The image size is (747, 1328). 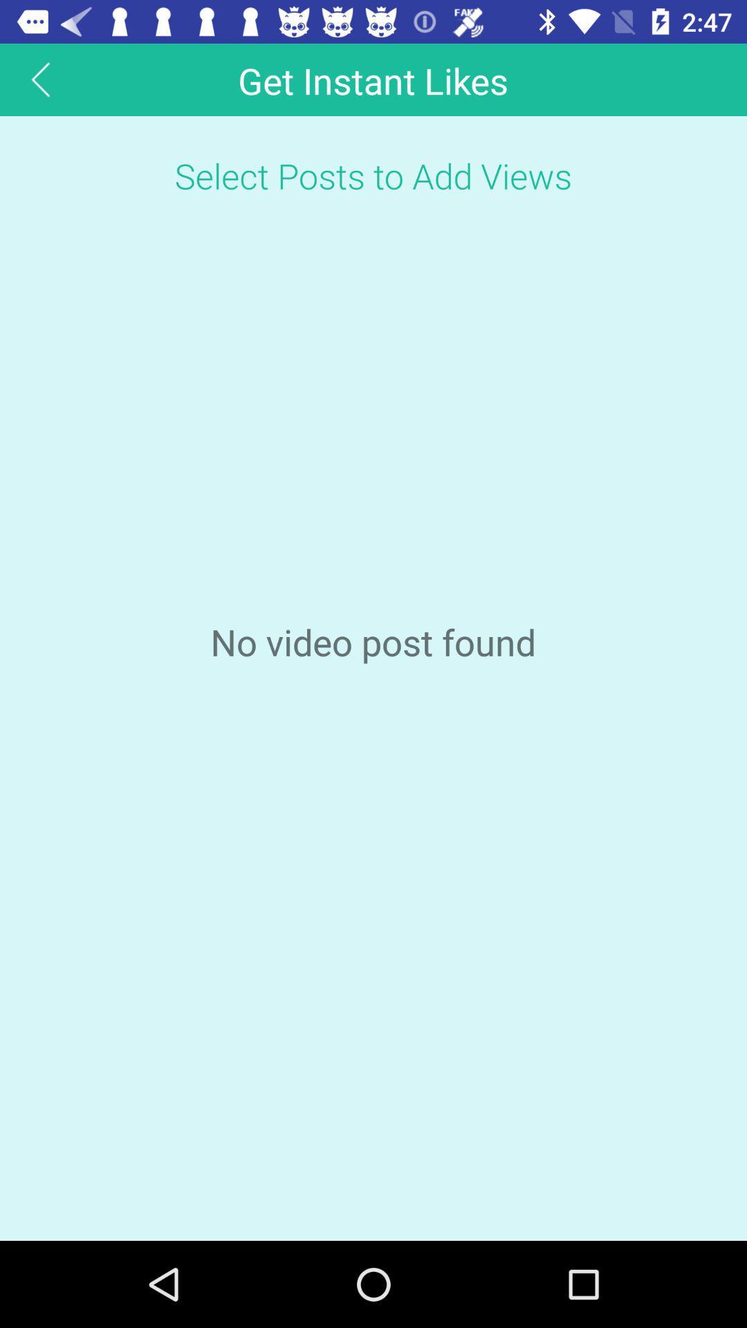 What do you see at coordinates (40, 79) in the screenshot?
I see `the icon to the left of get instant likes item` at bounding box center [40, 79].